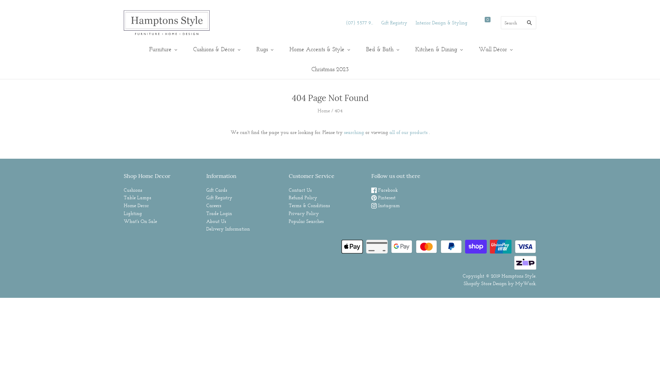 This screenshot has height=371, width=660. Describe the element at coordinates (518, 275) in the screenshot. I see `'Hamptons Style'` at that location.